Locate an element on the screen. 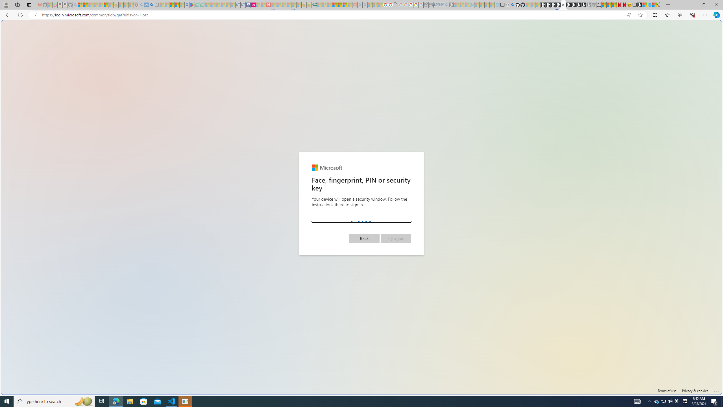  'Microsoft' is located at coordinates (327, 168).